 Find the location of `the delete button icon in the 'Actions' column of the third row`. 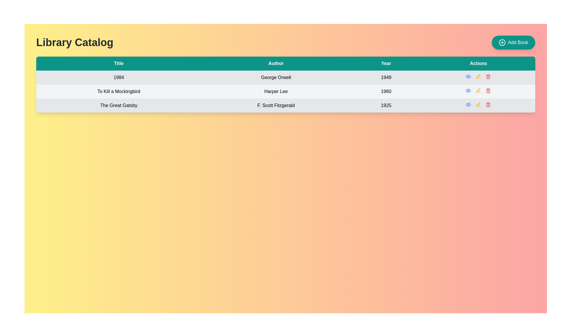

the delete button icon in the 'Actions' column of the third row is located at coordinates (488, 104).